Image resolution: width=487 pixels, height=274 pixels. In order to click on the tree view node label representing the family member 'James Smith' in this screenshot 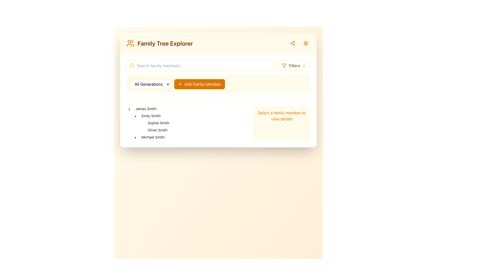, I will do `click(146, 108)`.